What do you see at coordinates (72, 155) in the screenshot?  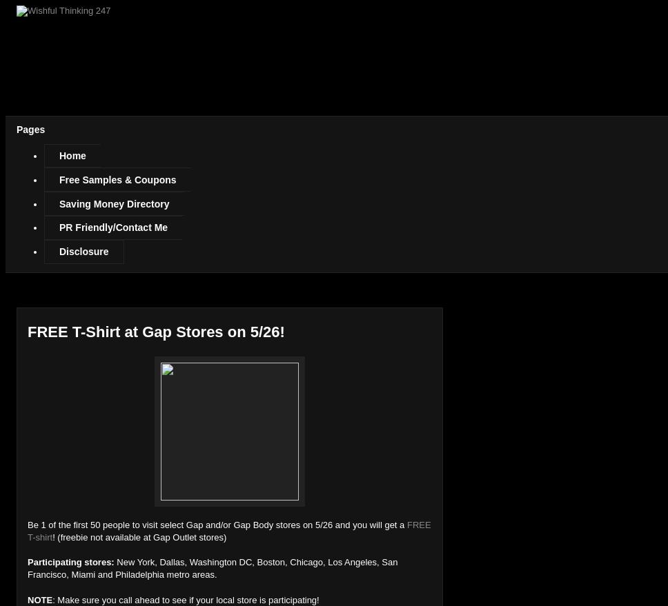 I see `'Home'` at bounding box center [72, 155].